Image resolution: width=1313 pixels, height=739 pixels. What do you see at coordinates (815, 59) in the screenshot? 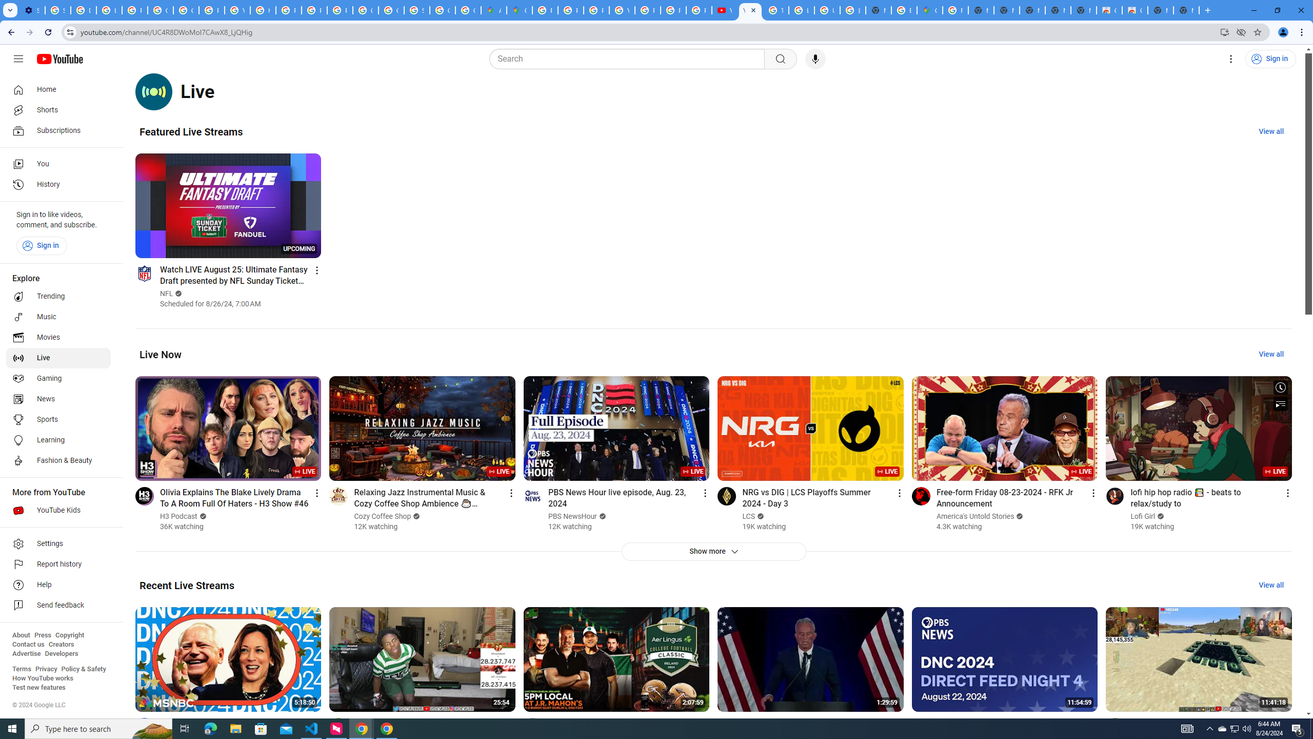
I see `'Search with your voice'` at bounding box center [815, 59].